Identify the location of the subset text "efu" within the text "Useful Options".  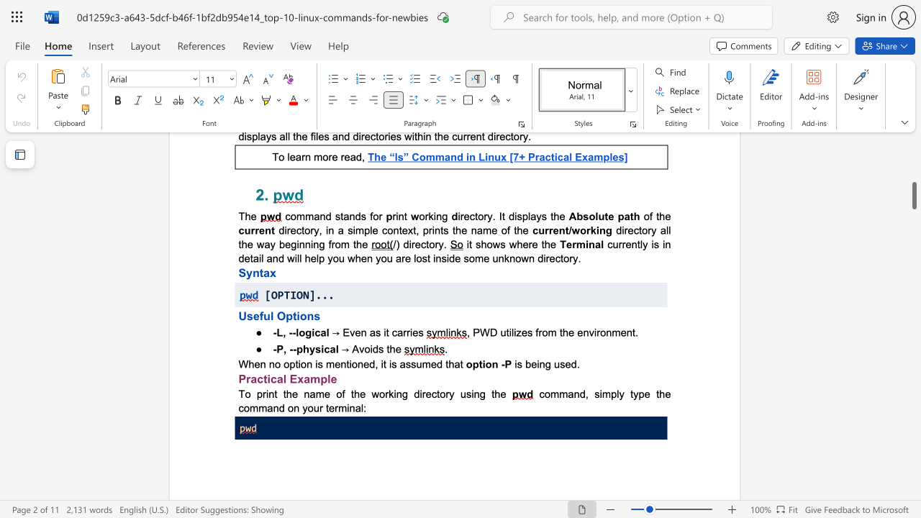
(253, 315).